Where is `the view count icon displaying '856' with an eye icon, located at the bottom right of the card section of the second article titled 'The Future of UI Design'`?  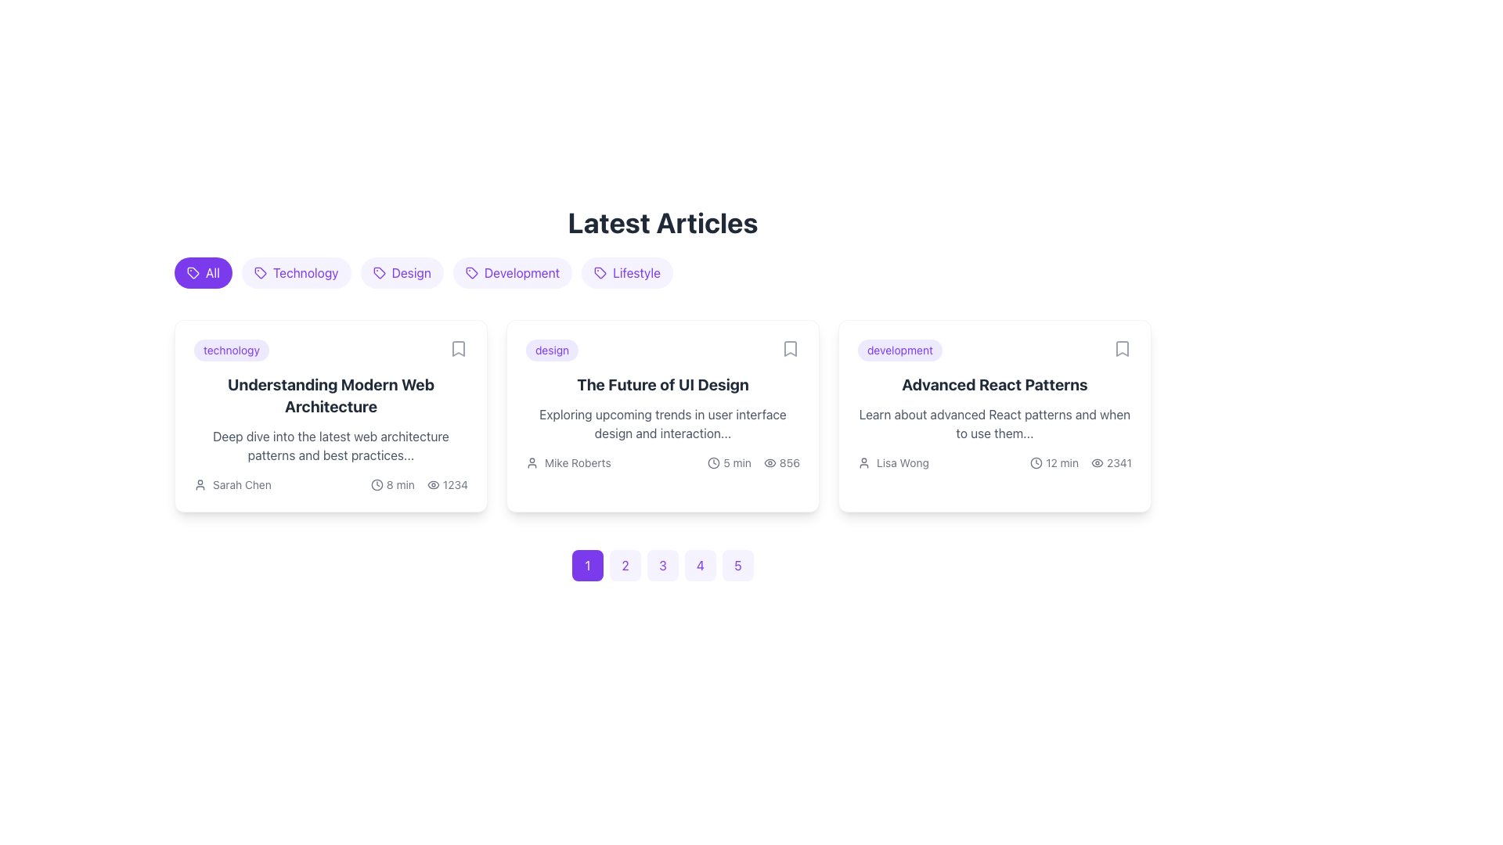
the view count icon displaying '856' with an eye icon, located at the bottom right of the card section of the second article titled 'The Future of UI Design' is located at coordinates (781, 462).